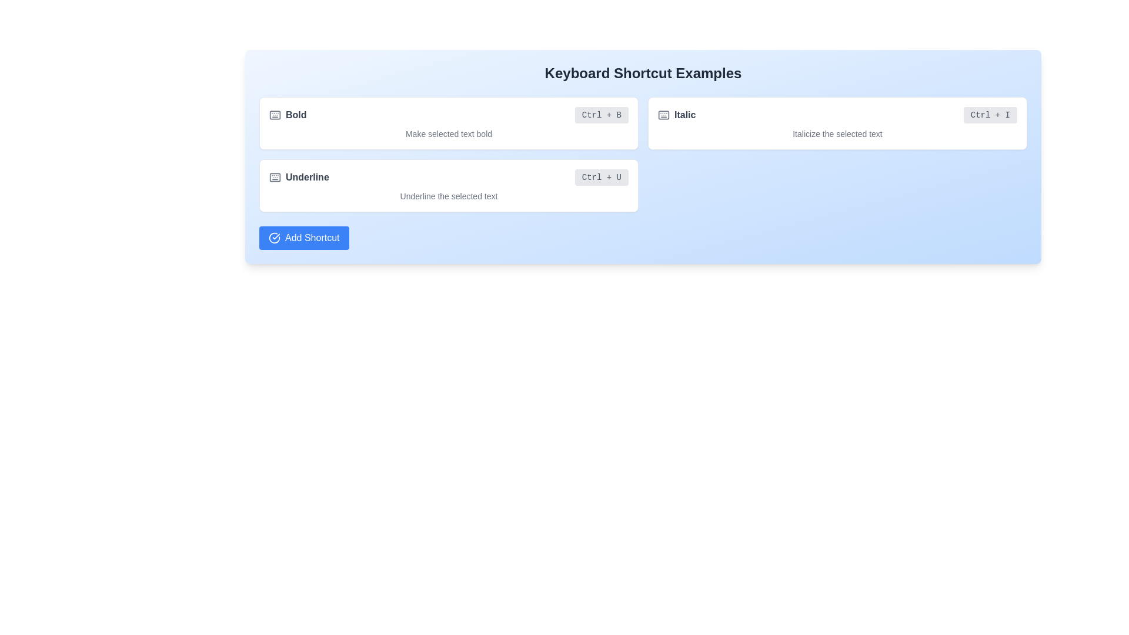  I want to click on the Text Label element displaying 'Ctrl + I', which is located on the right-hand side of the section titled 'Italic', so click(990, 115).